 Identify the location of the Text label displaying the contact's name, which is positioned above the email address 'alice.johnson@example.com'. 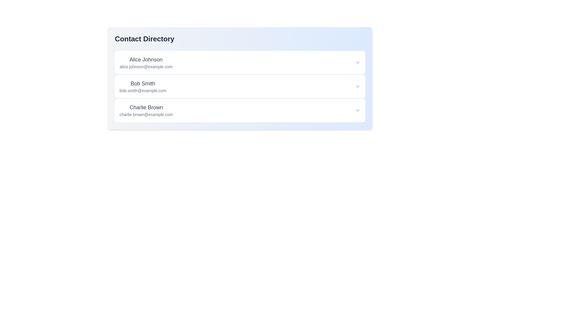
(146, 59).